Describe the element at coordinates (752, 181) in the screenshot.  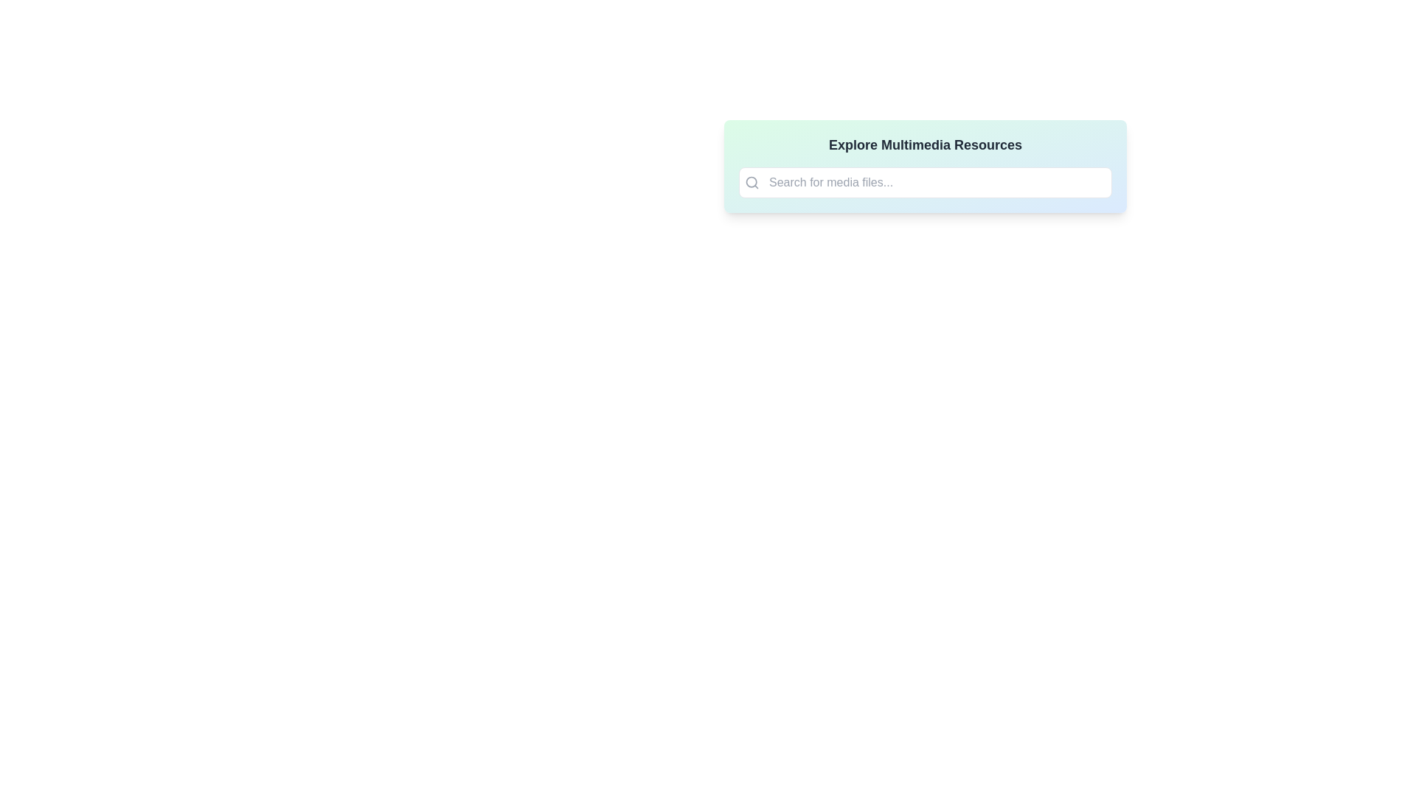
I see `the decorative element representing the lens of the magnifying glass in the search icon, located near the top-left corner of the icon` at that location.